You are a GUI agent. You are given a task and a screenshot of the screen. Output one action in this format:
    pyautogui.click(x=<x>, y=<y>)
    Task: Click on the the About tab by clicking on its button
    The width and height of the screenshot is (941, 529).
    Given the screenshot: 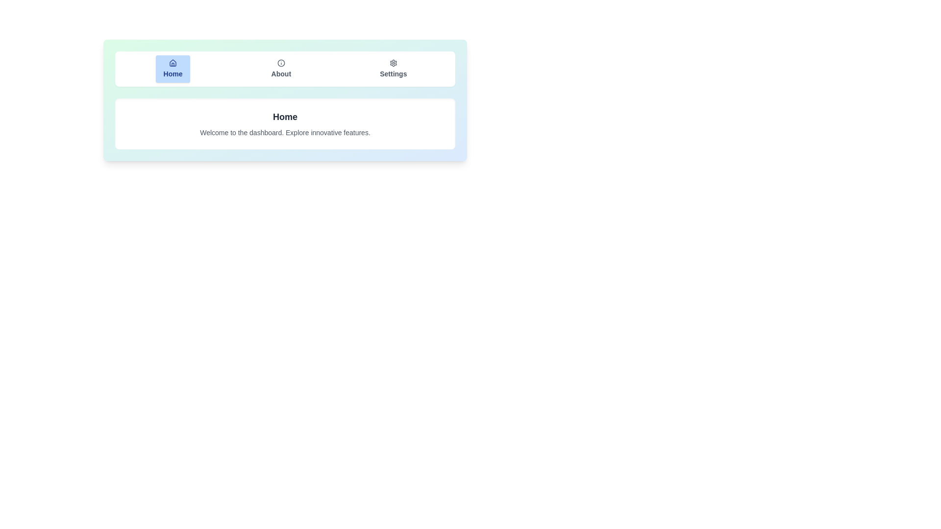 What is the action you would take?
    pyautogui.click(x=280, y=69)
    